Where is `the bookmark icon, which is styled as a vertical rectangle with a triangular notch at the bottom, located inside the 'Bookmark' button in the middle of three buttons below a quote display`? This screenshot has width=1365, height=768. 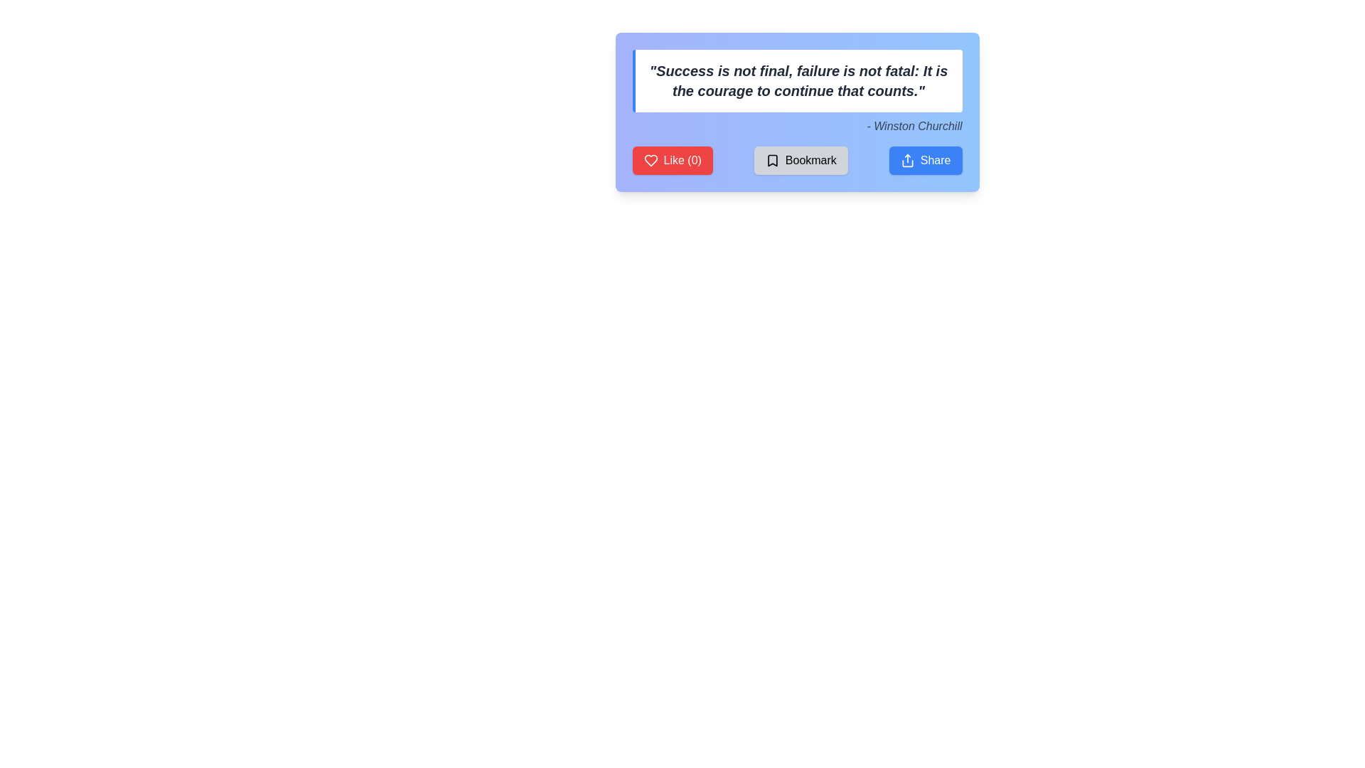 the bookmark icon, which is styled as a vertical rectangle with a triangular notch at the bottom, located inside the 'Bookmark' button in the middle of three buttons below a quote display is located at coordinates (771, 160).